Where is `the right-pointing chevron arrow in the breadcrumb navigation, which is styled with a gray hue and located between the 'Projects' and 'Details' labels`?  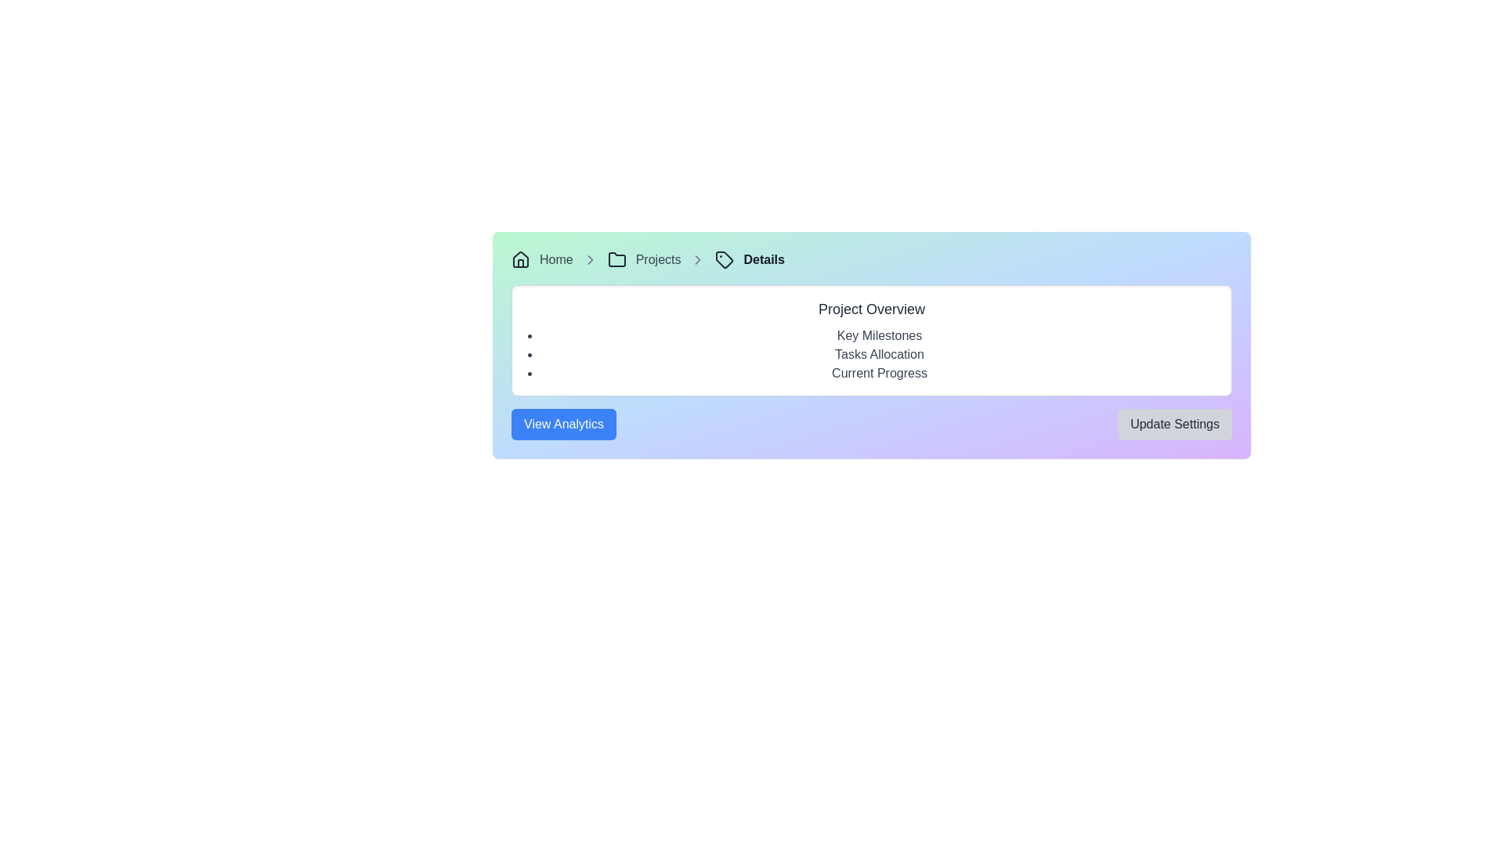 the right-pointing chevron arrow in the breadcrumb navigation, which is styled with a gray hue and located between the 'Projects' and 'Details' labels is located at coordinates (697, 258).